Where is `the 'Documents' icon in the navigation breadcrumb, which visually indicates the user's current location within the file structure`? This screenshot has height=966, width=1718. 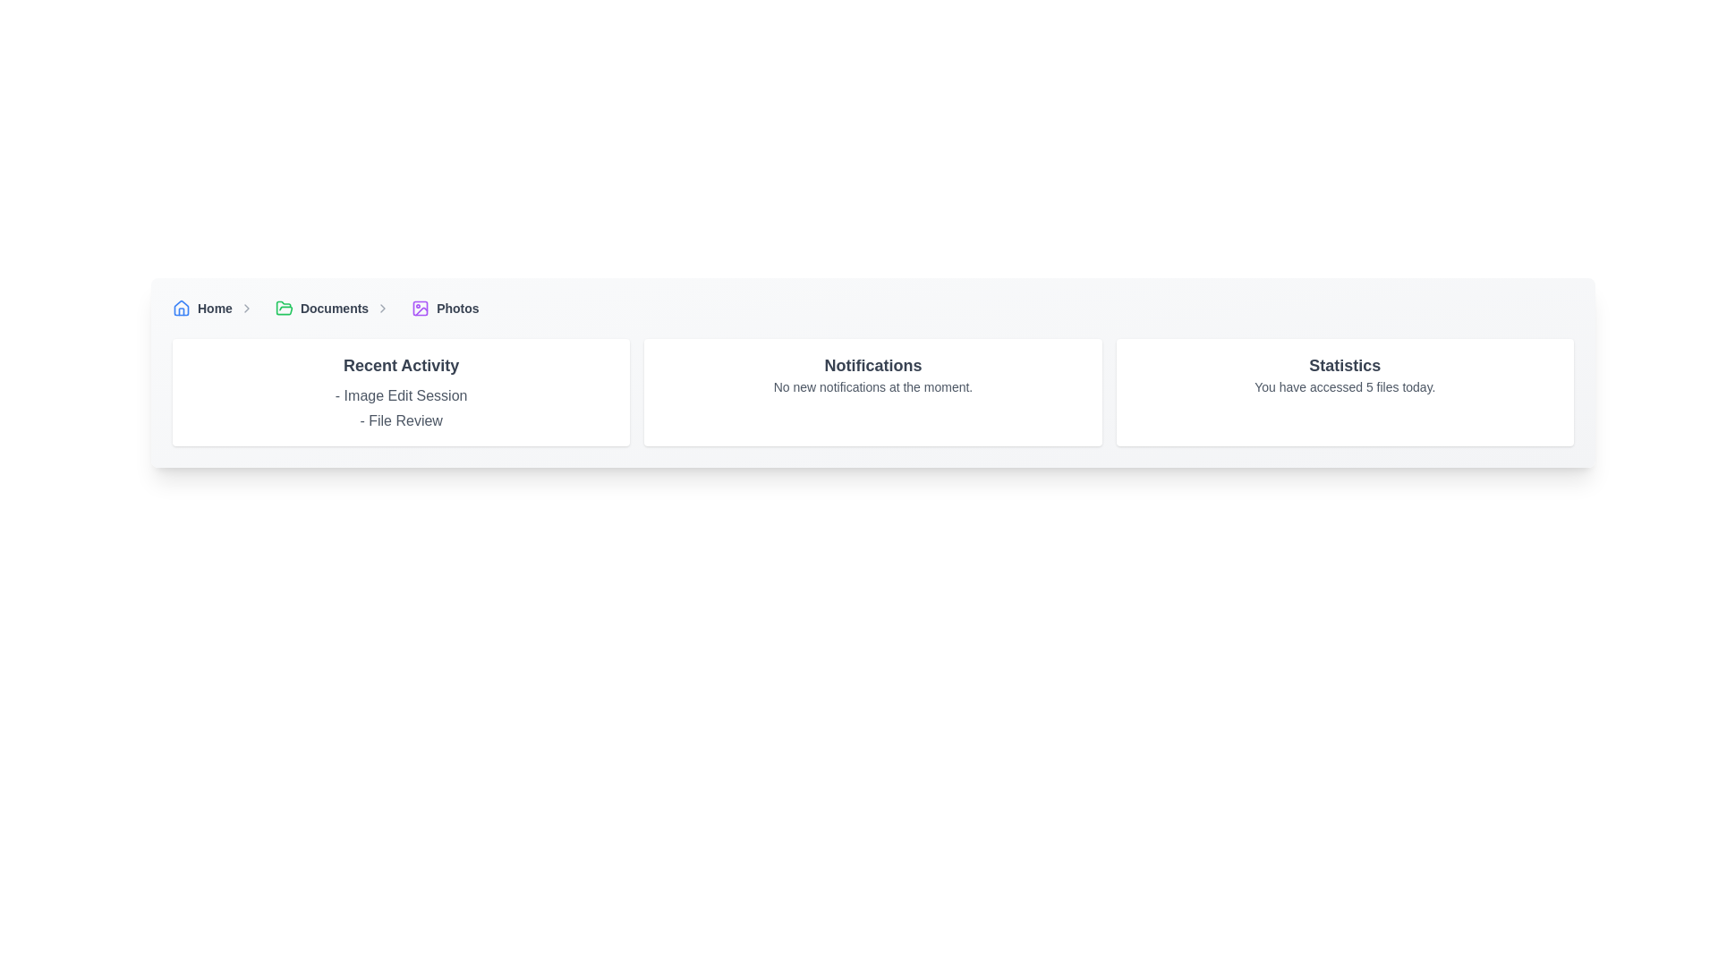 the 'Documents' icon in the navigation breadcrumb, which visually indicates the user's current location within the file structure is located at coordinates (283, 307).